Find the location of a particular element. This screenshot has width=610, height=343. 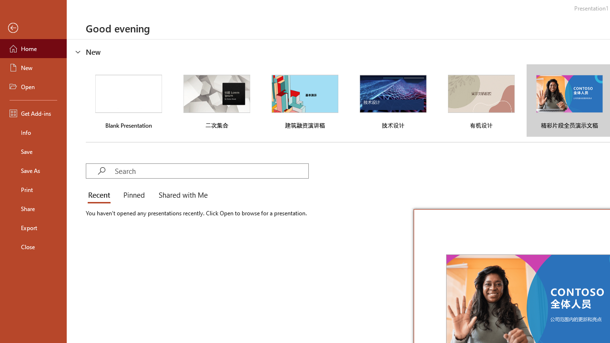

'Recent' is located at coordinates (101, 195).